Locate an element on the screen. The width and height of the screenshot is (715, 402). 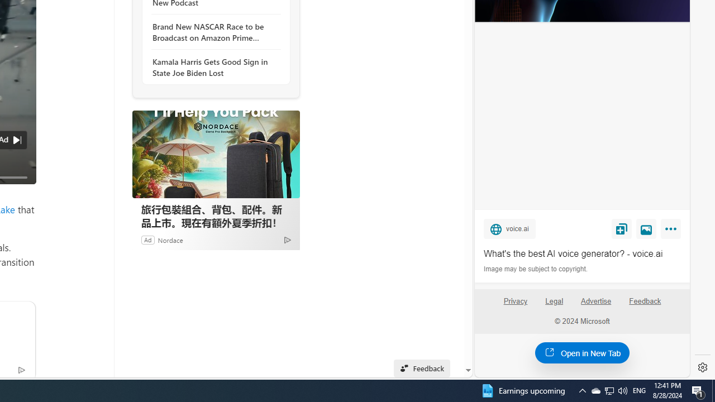
'Open in New Tab' is located at coordinates (581, 352).